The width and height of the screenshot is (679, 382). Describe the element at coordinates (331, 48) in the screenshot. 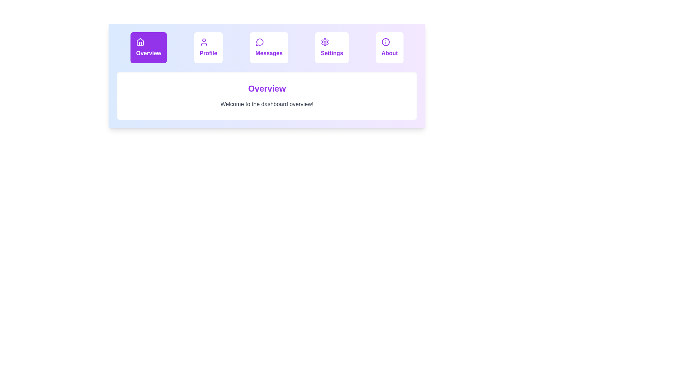

I see `the tab labeled Settings to switch to it` at that location.